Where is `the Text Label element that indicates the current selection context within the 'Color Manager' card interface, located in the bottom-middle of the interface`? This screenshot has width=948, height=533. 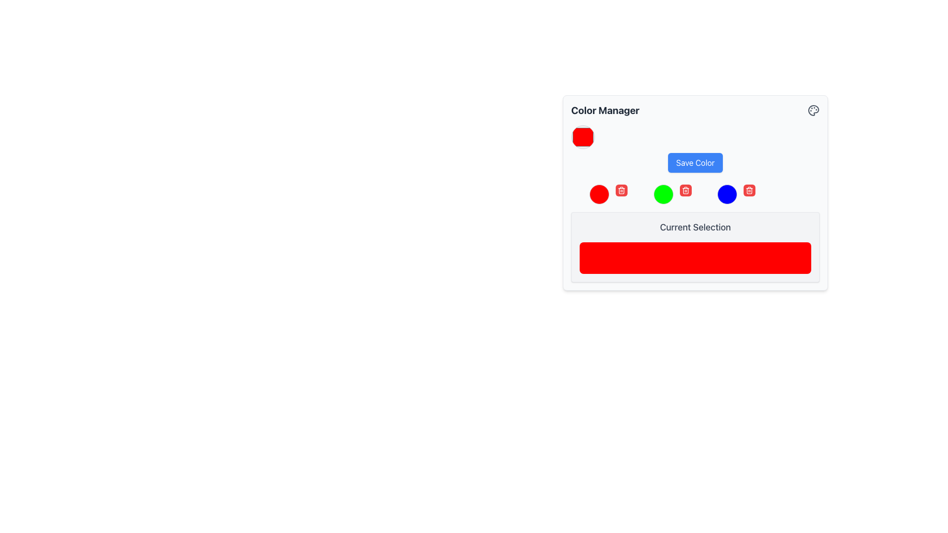
the Text Label element that indicates the current selection context within the 'Color Manager' card interface, located in the bottom-middle of the interface is located at coordinates (695, 228).